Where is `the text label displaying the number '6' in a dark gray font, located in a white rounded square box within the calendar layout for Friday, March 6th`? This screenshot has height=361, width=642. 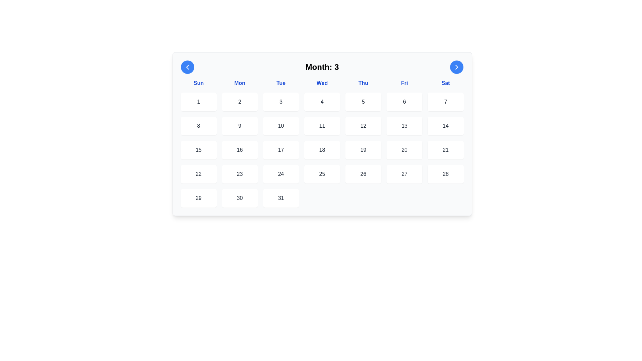
the text label displaying the number '6' in a dark gray font, located in a white rounded square box within the calendar layout for Friday, March 6th is located at coordinates (404, 102).